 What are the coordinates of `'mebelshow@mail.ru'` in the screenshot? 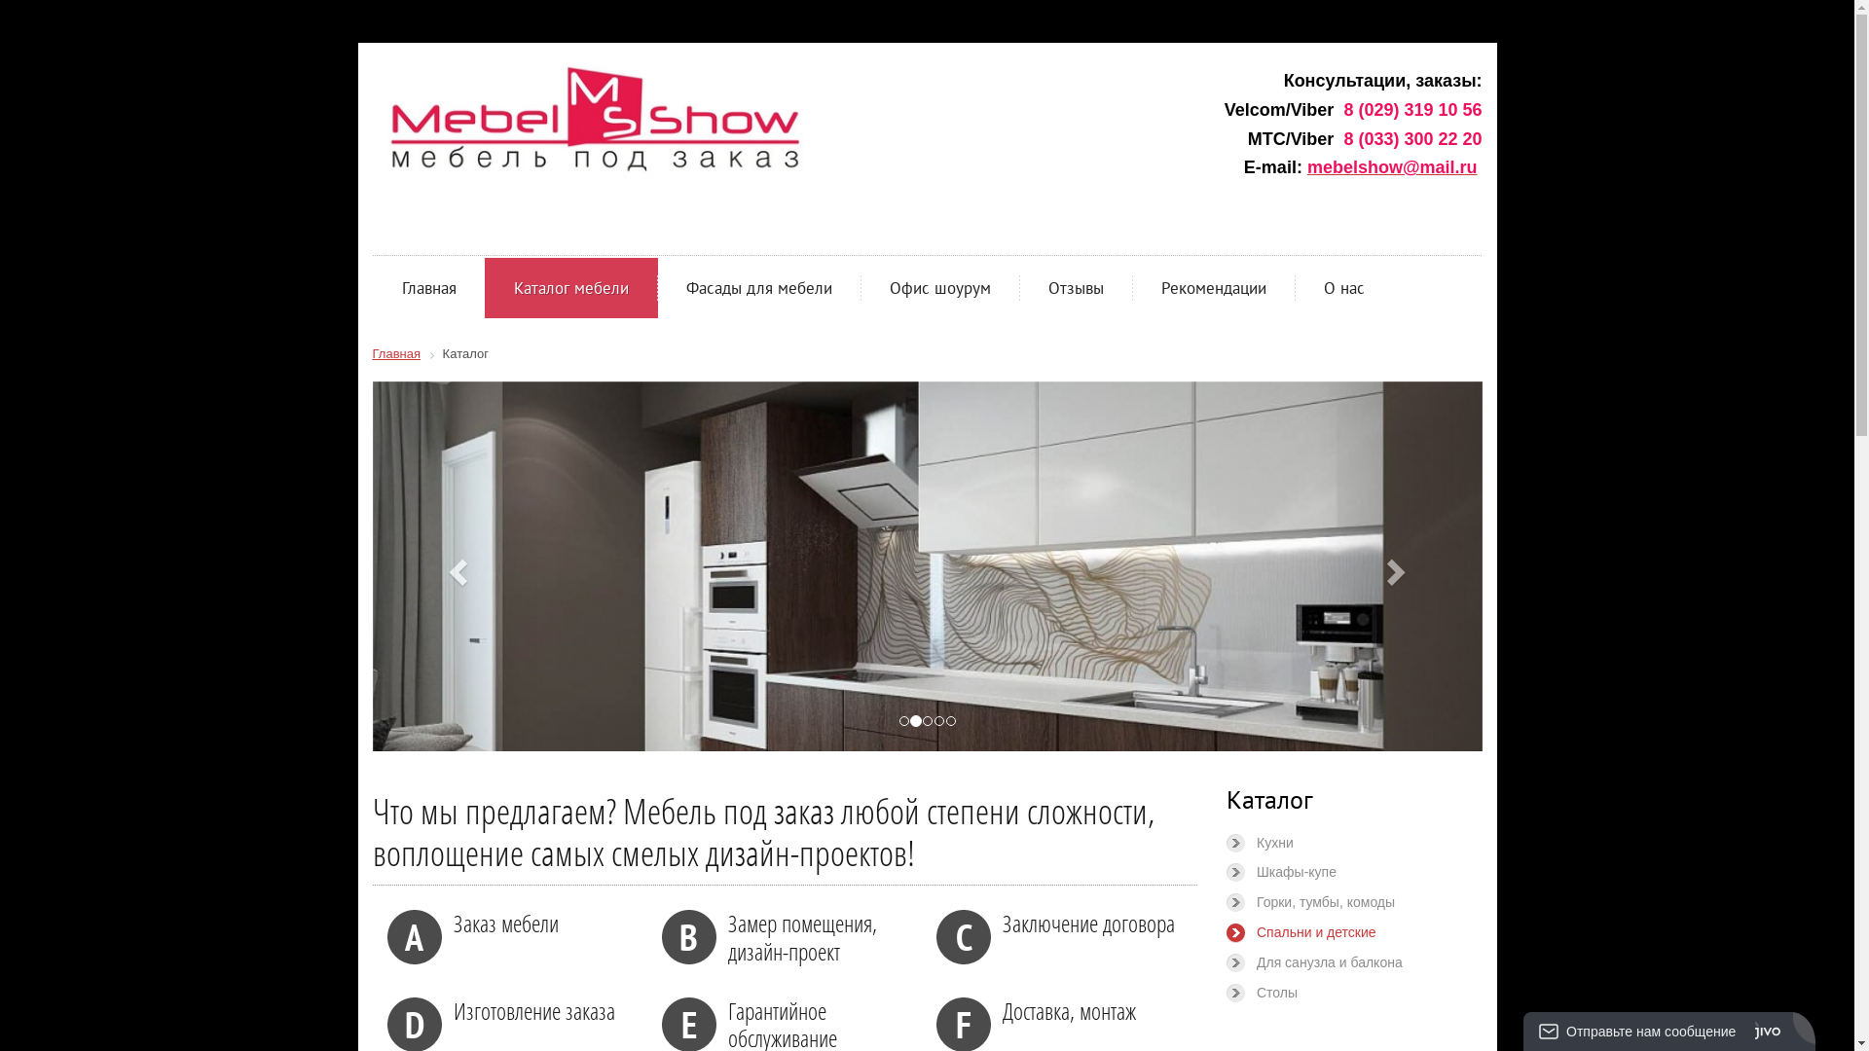 It's located at (1391, 166).